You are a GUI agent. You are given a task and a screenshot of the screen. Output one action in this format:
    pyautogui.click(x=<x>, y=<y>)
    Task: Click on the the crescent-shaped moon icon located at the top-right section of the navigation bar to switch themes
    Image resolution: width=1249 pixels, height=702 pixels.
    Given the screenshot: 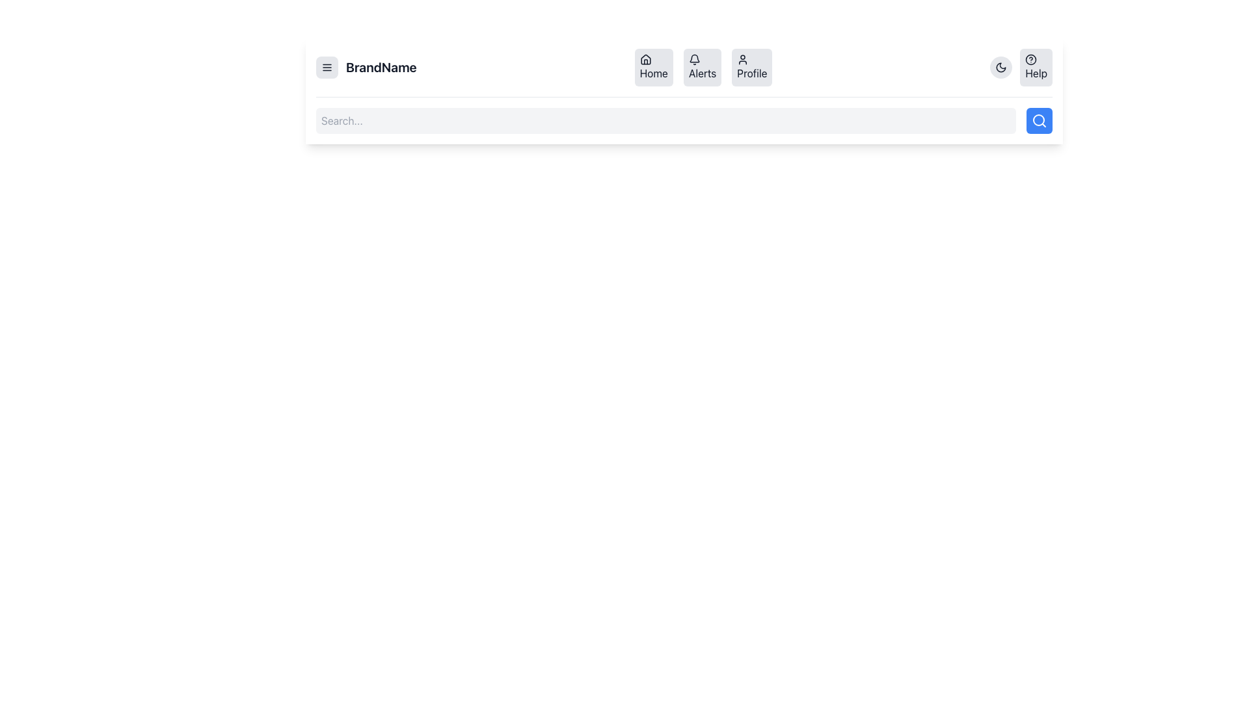 What is the action you would take?
    pyautogui.click(x=1001, y=68)
    